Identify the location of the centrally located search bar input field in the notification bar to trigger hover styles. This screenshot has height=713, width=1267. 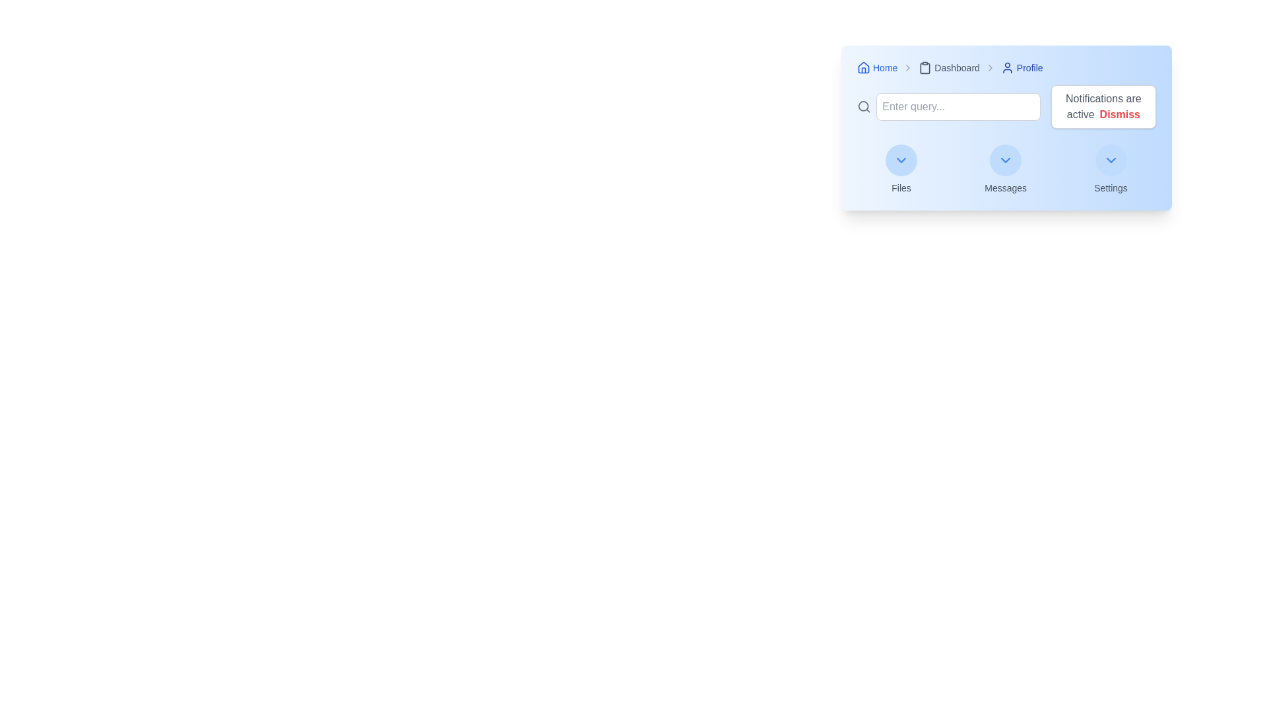
(948, 106).